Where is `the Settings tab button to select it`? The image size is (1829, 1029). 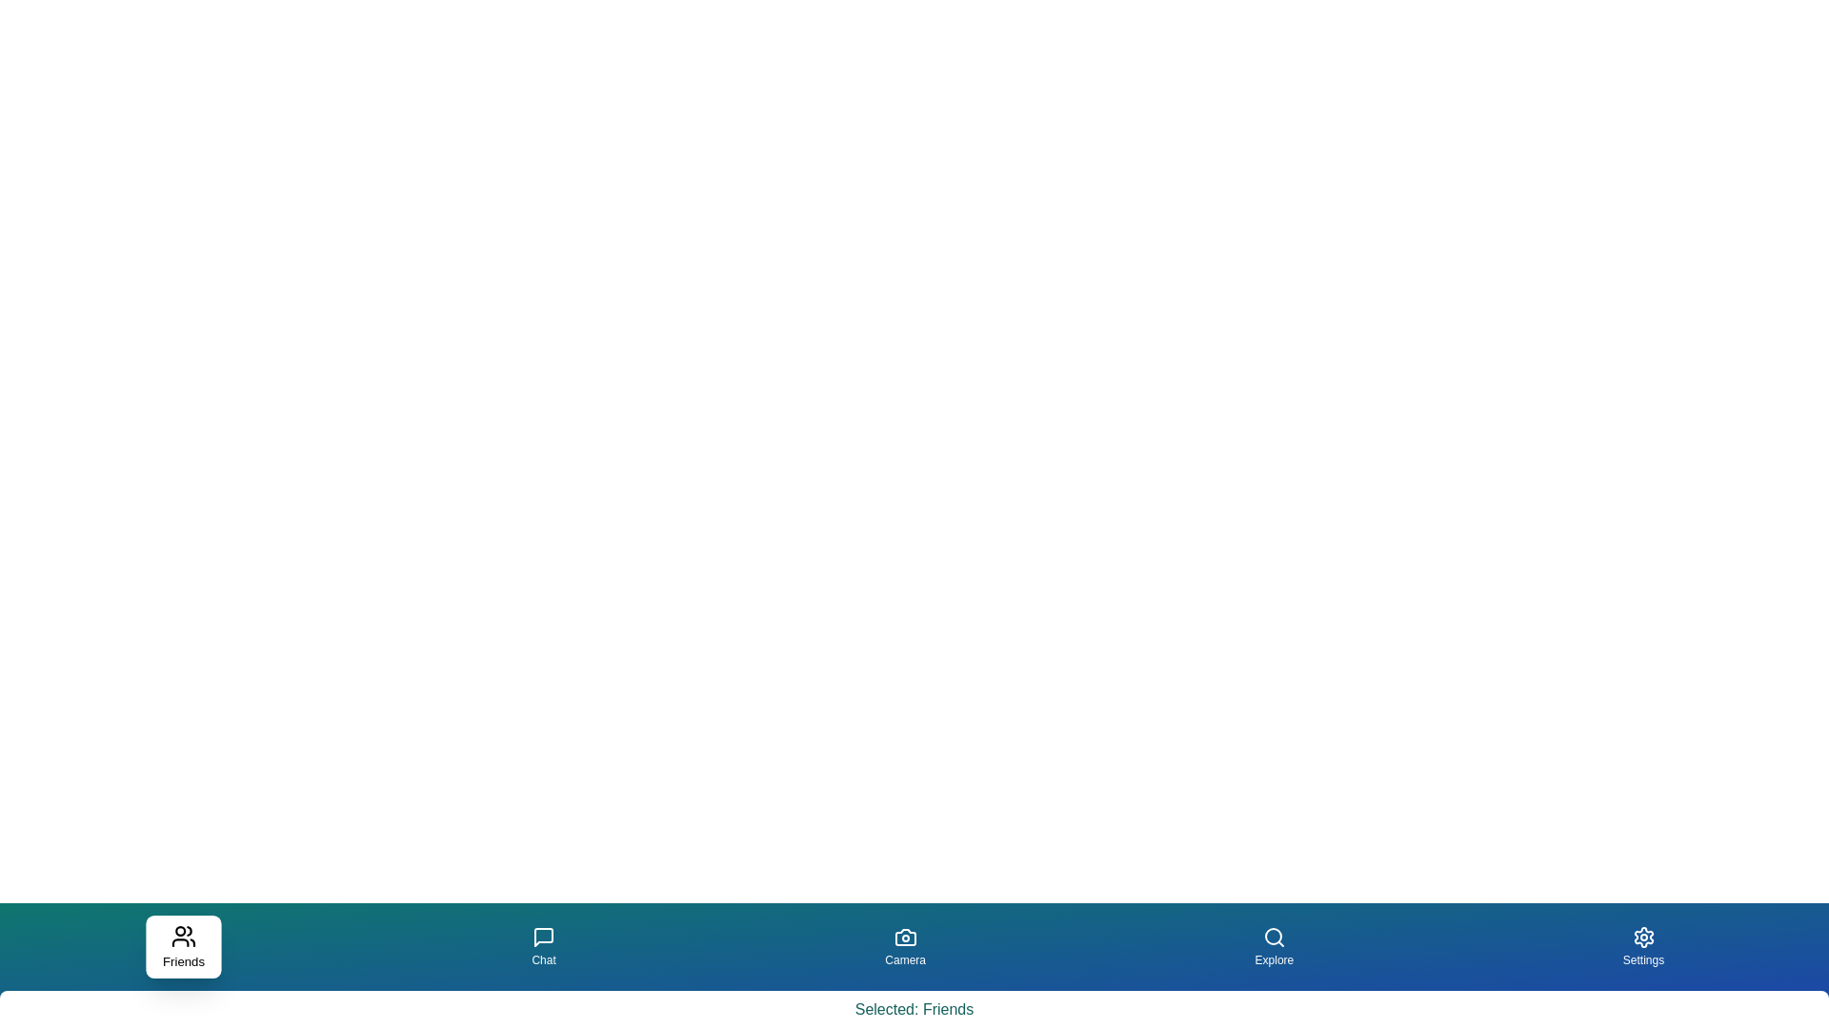 the Settings tab button to select it is located at coordinates (1641, 947).